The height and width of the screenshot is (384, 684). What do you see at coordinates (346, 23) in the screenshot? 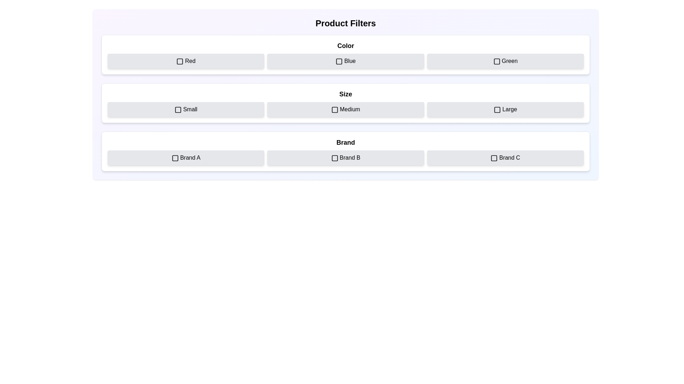
I see `the 'Product Filters' heading text, which is styled in a bold, large font and located at the top of the product selection filters section` at bounding box center [346, 23].